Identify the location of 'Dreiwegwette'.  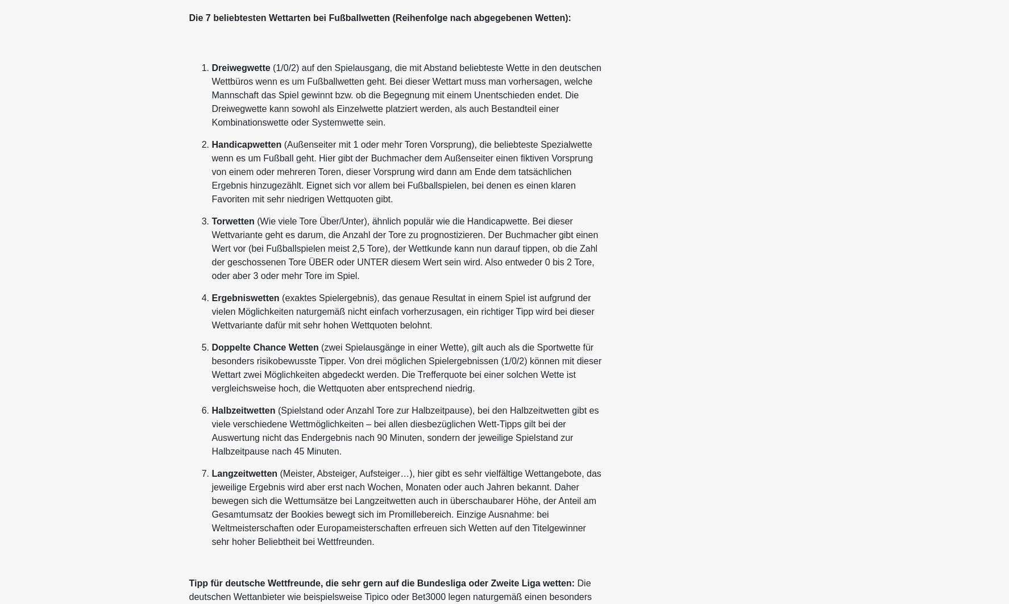
(211, 68).